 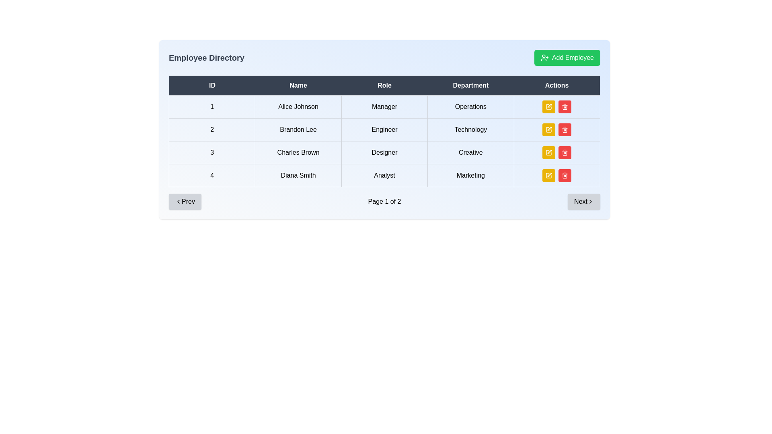 I want to click on the text label displaying 'Page 1 of 2' which indicates the pagination status, located centrally between the 'Prev' and 'Next' buttons, so click(x=384, y=201).